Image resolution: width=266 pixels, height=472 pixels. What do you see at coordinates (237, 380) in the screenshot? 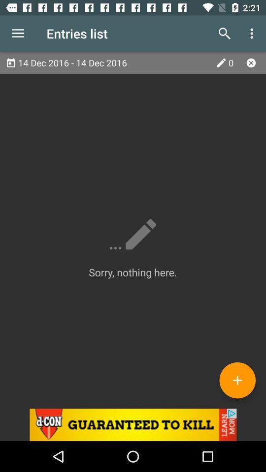
I see `icon` at bounding box center [237, 380].